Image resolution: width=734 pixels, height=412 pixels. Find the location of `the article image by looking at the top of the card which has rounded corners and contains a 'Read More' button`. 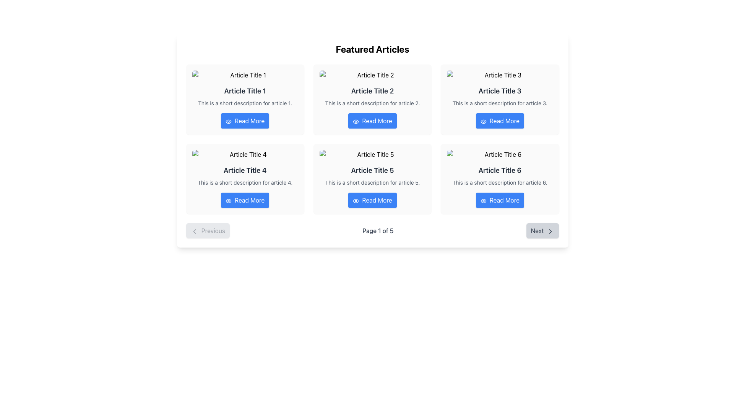

the article image by looking at the top of the card which has rounded corners and contains a 'Read More' button is located at coordinates (245, 179).